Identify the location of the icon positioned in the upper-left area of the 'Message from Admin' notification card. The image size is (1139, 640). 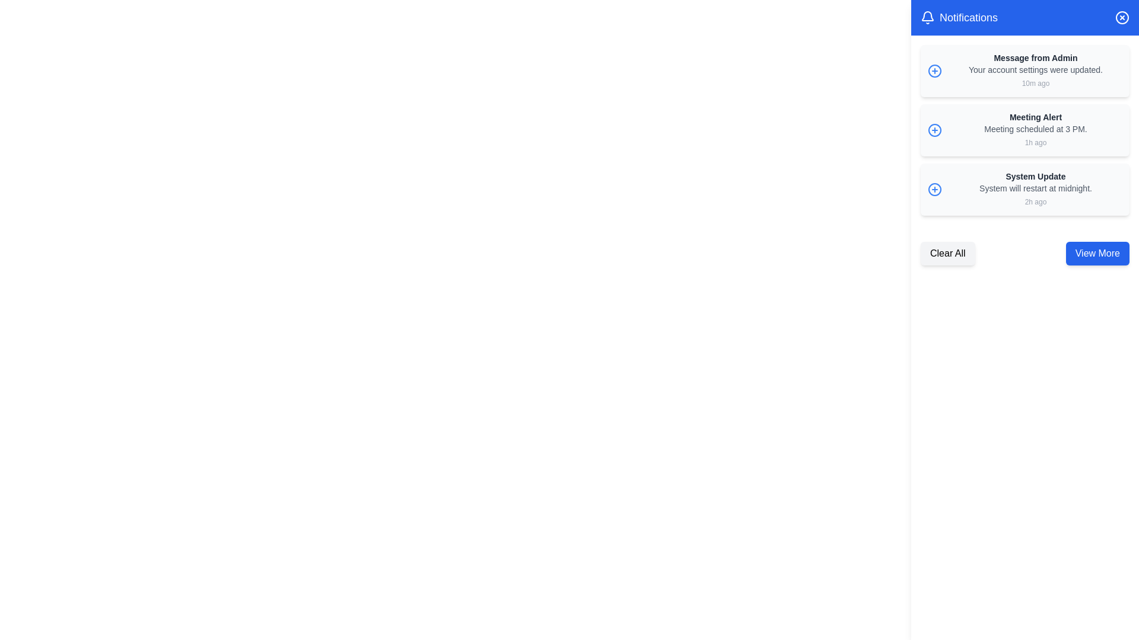
(934, 71).